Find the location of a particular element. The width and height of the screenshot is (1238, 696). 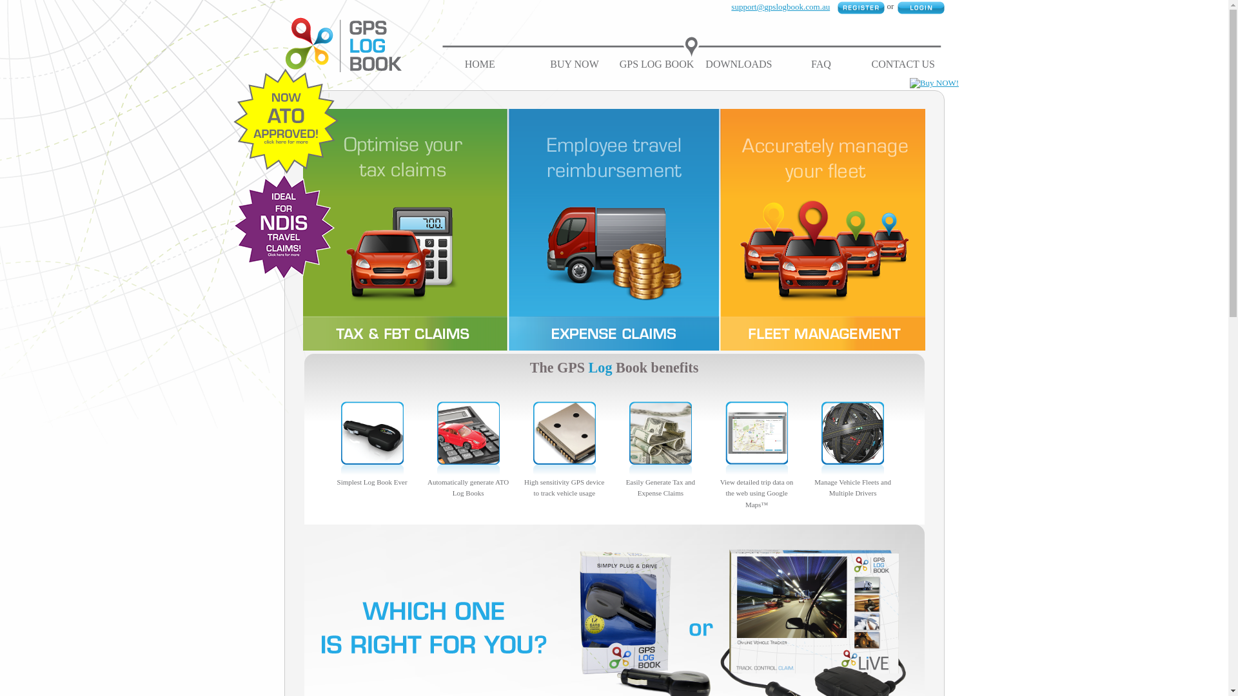

'BUY NOW' is located at coordinates (573, 64).